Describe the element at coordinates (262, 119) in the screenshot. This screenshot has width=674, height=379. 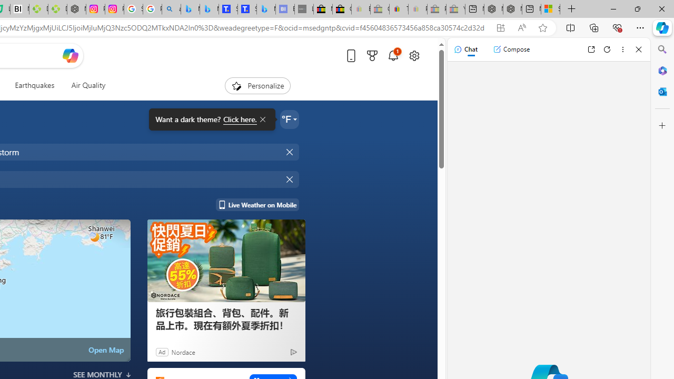
I see `'Class: BubbleMessageCloseIcon-DS-EntryPoint1-1'` at that location.